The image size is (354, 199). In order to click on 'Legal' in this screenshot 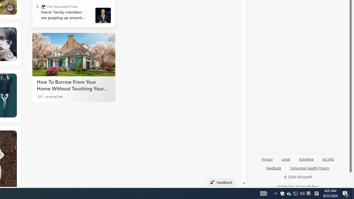, I will do `click(286, 159)`.